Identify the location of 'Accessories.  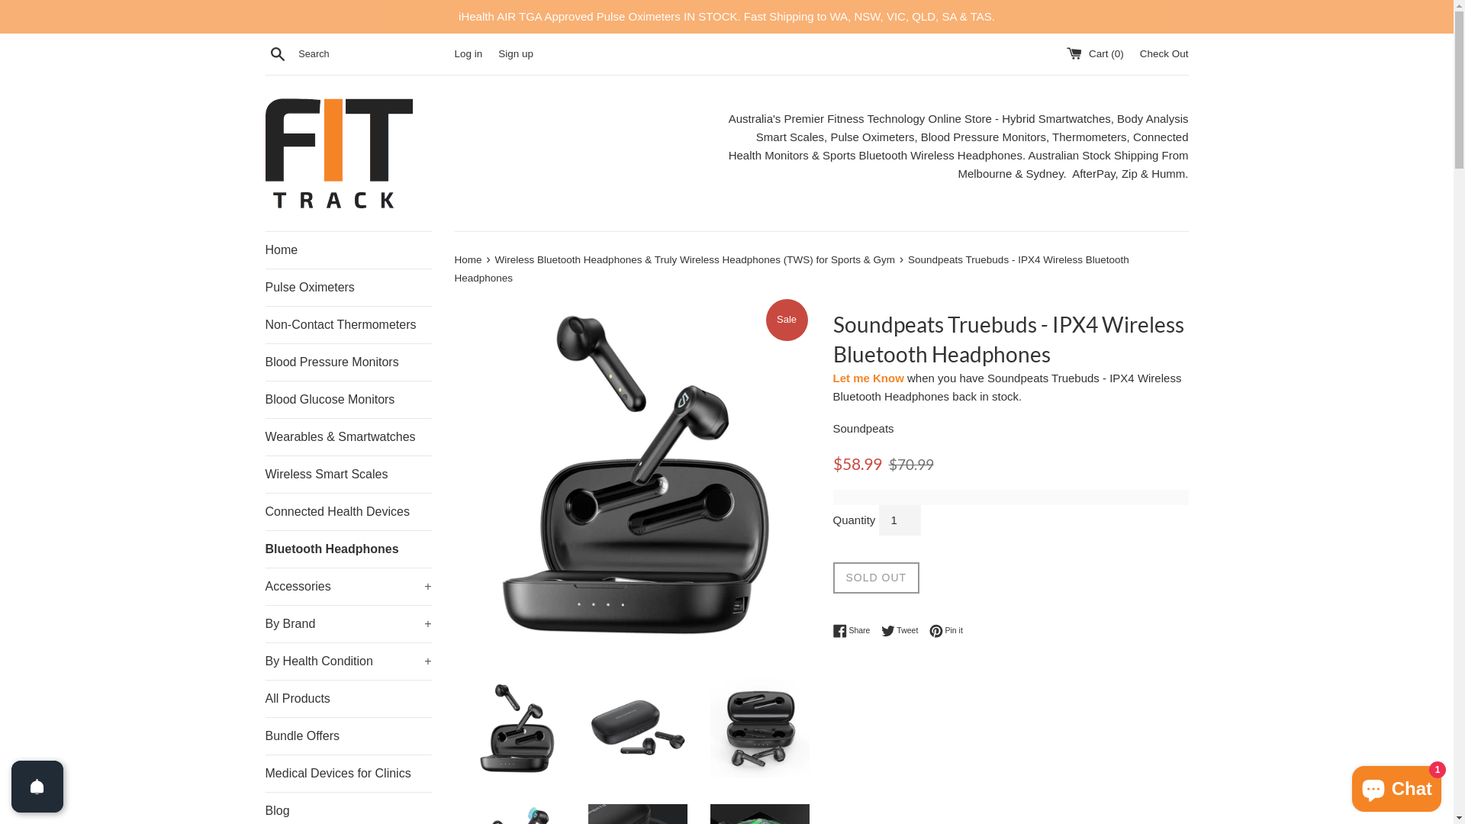
(265, 584).